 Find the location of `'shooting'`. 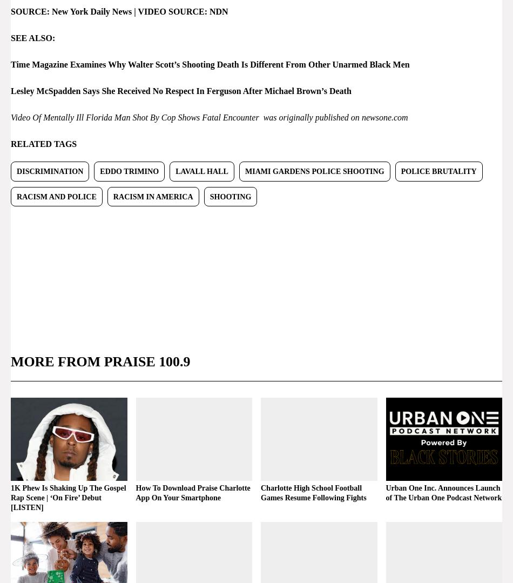

'shooting' is located at coordinates (208, 196).